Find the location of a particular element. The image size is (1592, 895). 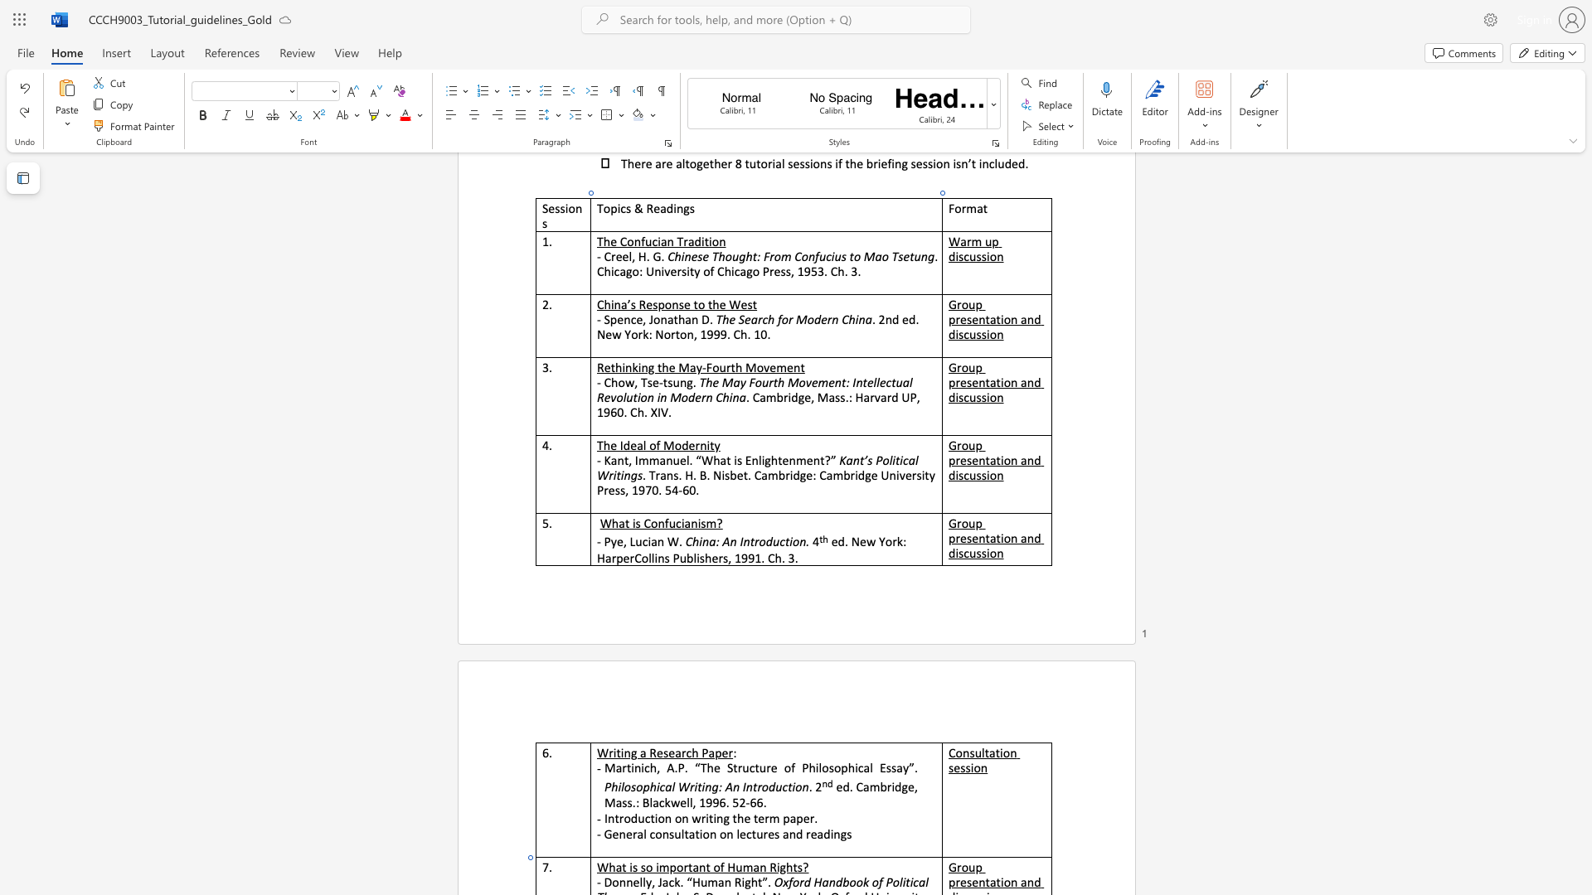

the 3th character "i" in the text is located at coordinates (699, 523).